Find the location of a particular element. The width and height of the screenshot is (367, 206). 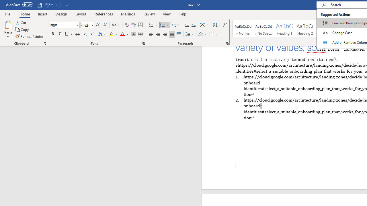

'File Tab' is located at coordinates (7, 13).